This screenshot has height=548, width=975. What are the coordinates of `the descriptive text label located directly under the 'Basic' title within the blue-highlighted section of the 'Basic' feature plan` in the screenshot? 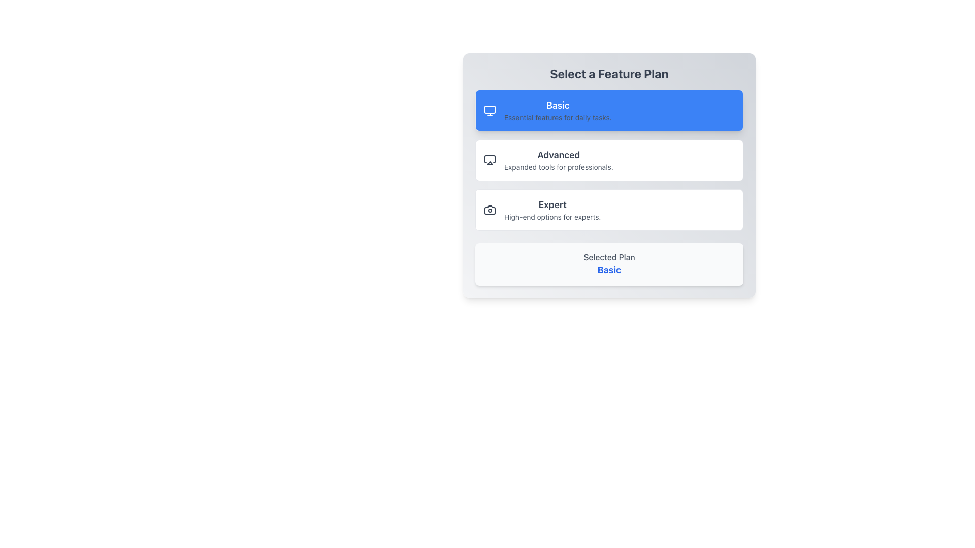 It's located at (557, 117).